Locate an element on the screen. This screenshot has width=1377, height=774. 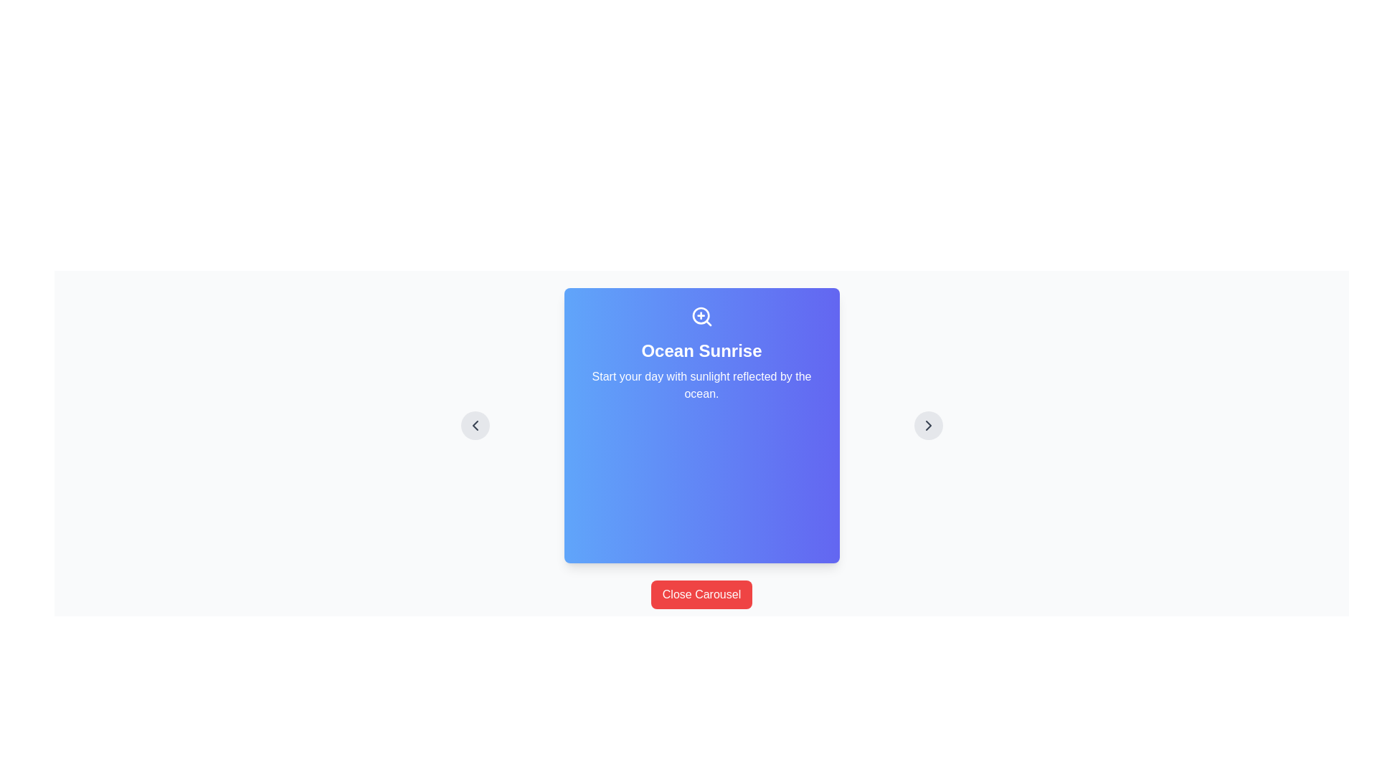
the descriptive text label providing context about the title 'Ocean Sunrise', located below the title and above a gap at the bottom of the card is located at coordinates (701, 384).